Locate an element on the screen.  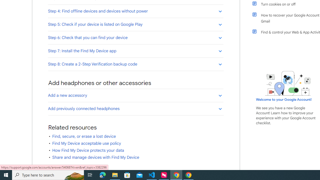
'Share and manage devices with Find My Device' is located at coordinates (95, 157).